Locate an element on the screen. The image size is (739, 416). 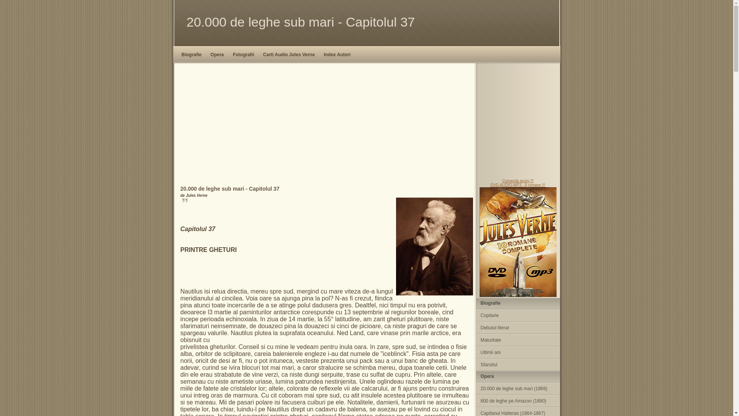
'Opera' is located at coordinates (209, 54).